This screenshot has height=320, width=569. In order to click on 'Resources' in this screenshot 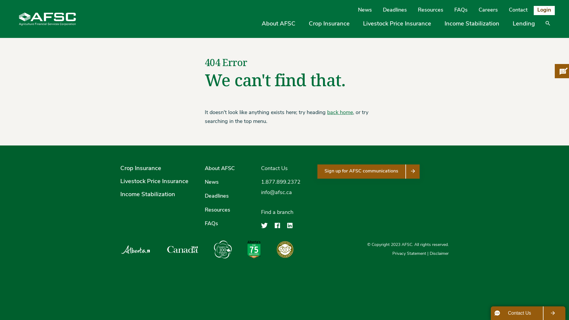, I will do `click(205, 210)`.